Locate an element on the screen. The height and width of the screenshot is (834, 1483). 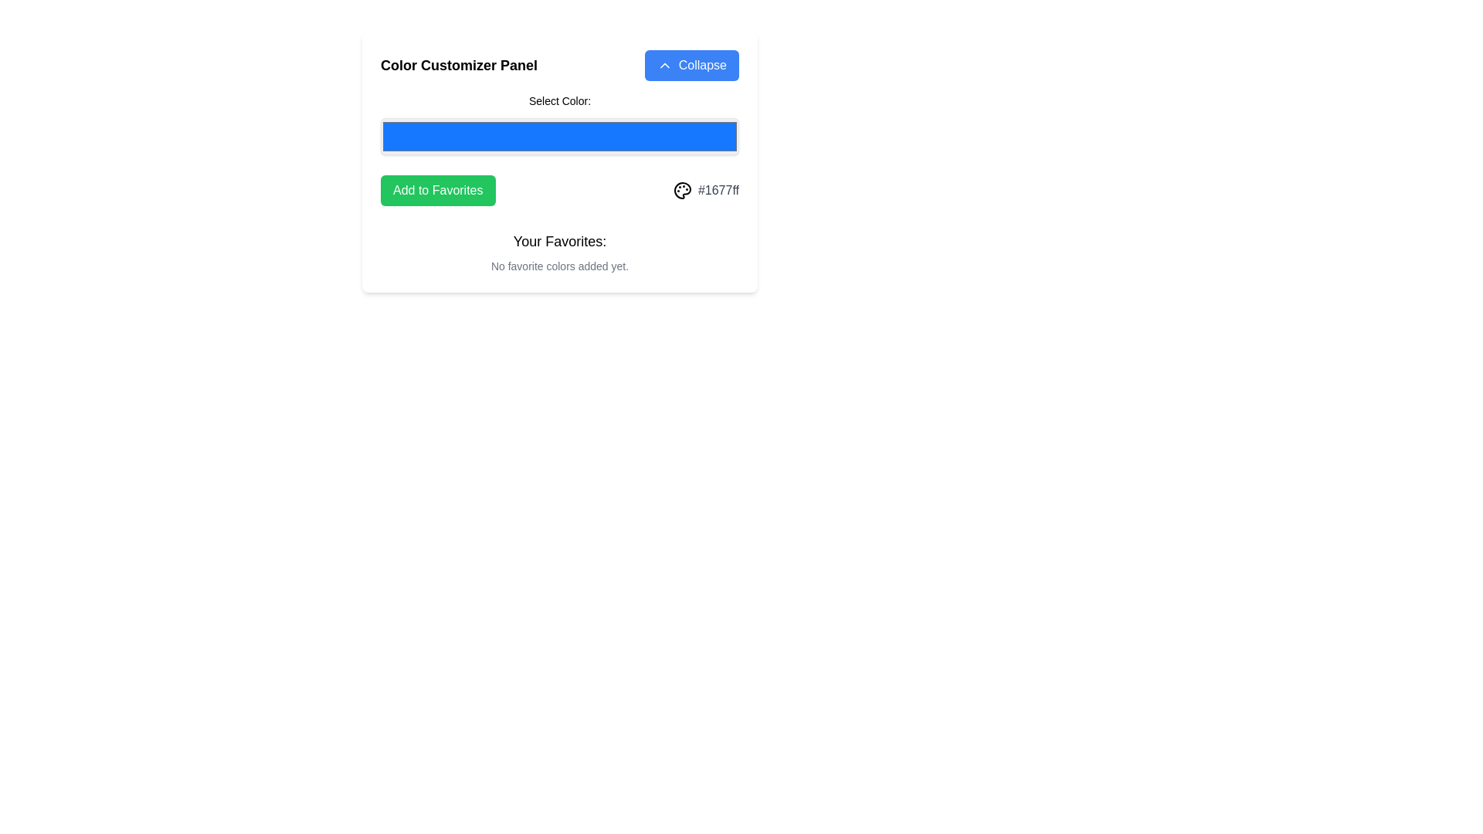
the text label displaying 'Your Favorites:' which is styled as a heading and positioned above the text 'No favorite colors added yet.' is located at coordinates (558, 241).